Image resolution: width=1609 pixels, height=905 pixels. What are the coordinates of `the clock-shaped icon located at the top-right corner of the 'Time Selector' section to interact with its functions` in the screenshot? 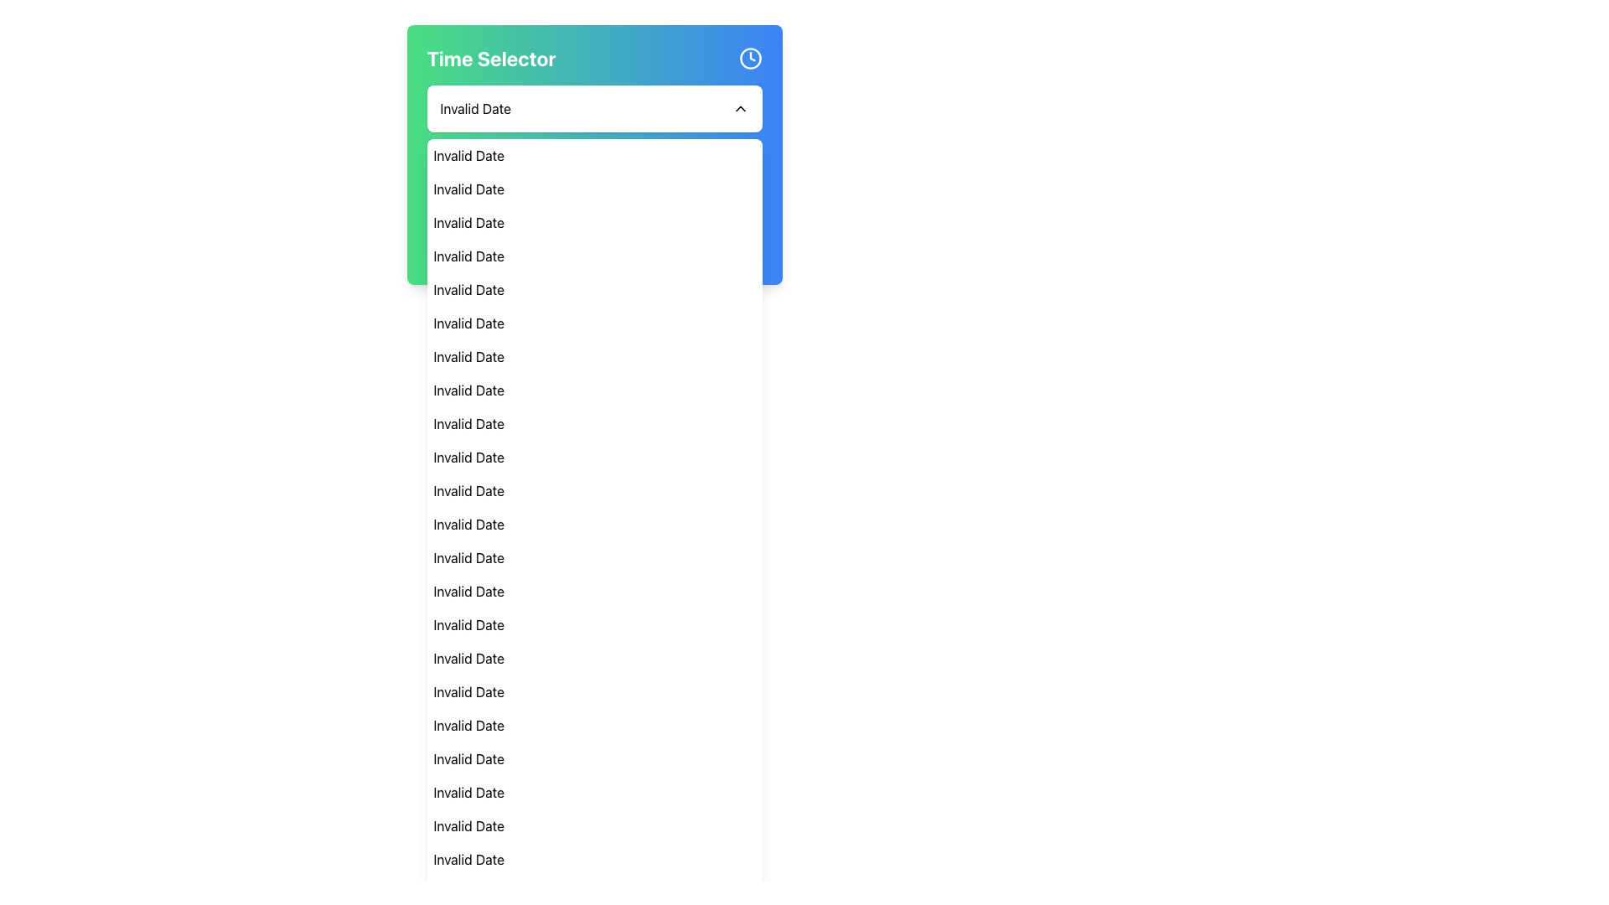 It's located at (749, 57).